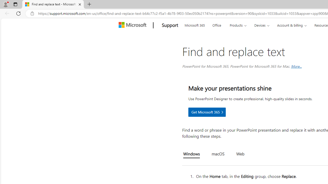 This screenshot has height=184, width=328. I want to click on 'Support', so click(170, 25).